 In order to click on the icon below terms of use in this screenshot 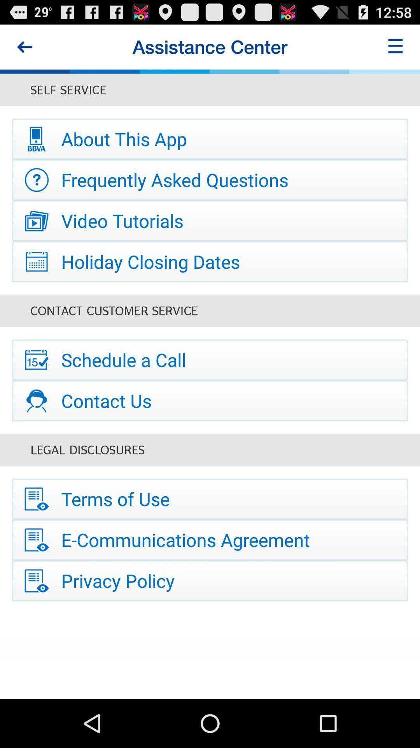, I will do `click(210, 540)`.